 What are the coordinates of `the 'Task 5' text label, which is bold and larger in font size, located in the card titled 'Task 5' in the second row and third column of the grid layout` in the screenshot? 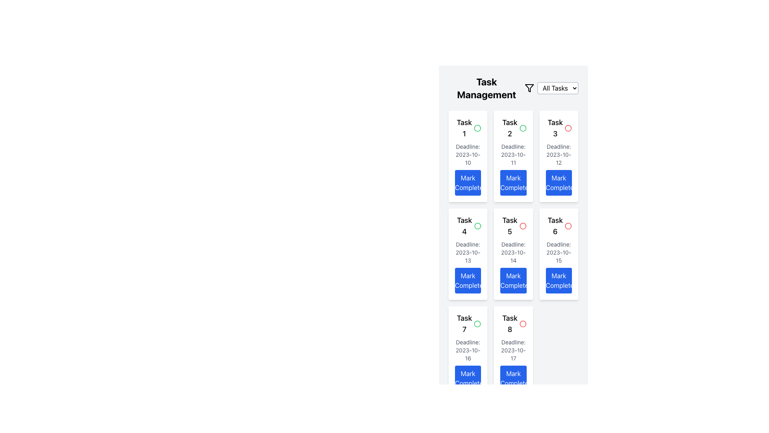 It's located at (513, 226).